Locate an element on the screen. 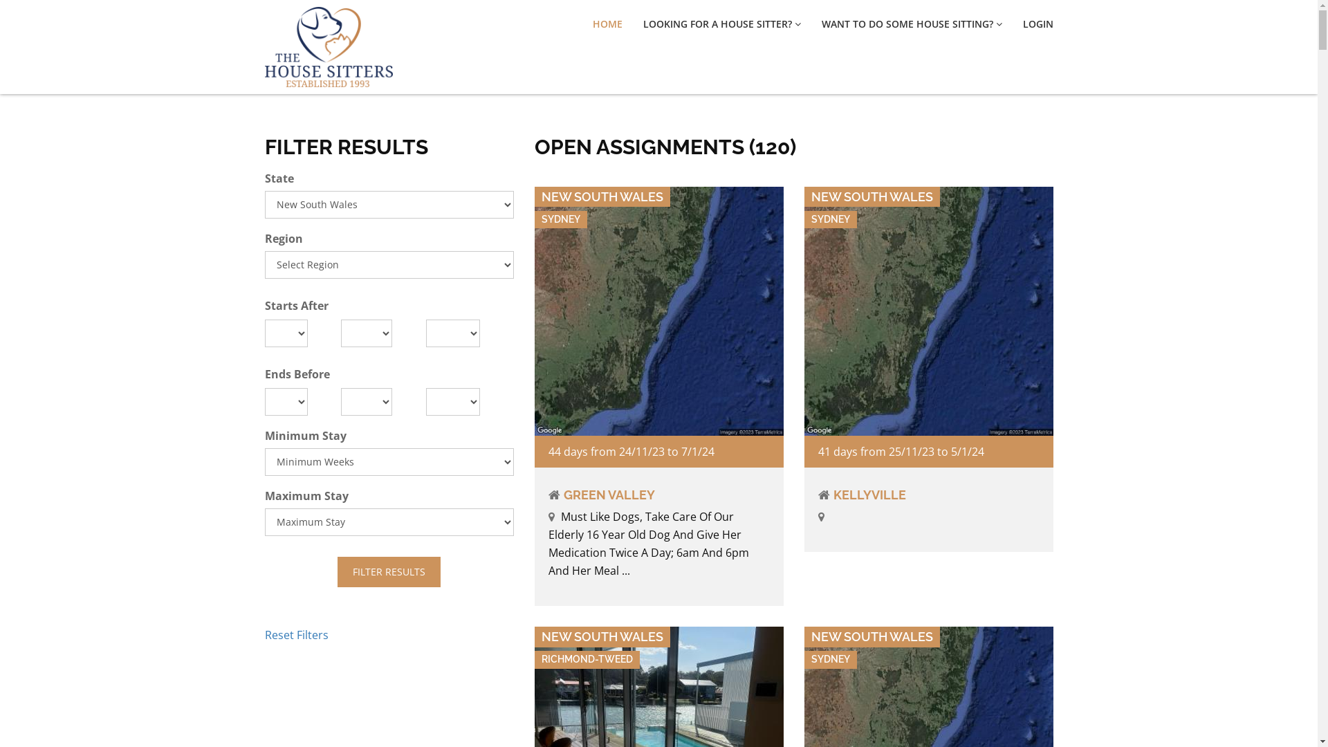  'Reset Filters' is located at coordinates (295, 635).